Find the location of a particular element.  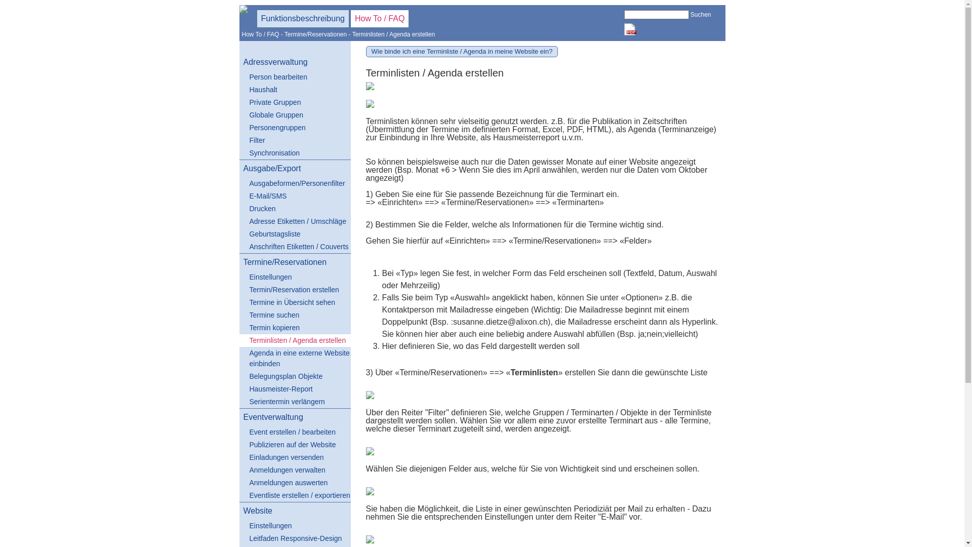

'Personengruppen' is located at coordinates (238, 127).